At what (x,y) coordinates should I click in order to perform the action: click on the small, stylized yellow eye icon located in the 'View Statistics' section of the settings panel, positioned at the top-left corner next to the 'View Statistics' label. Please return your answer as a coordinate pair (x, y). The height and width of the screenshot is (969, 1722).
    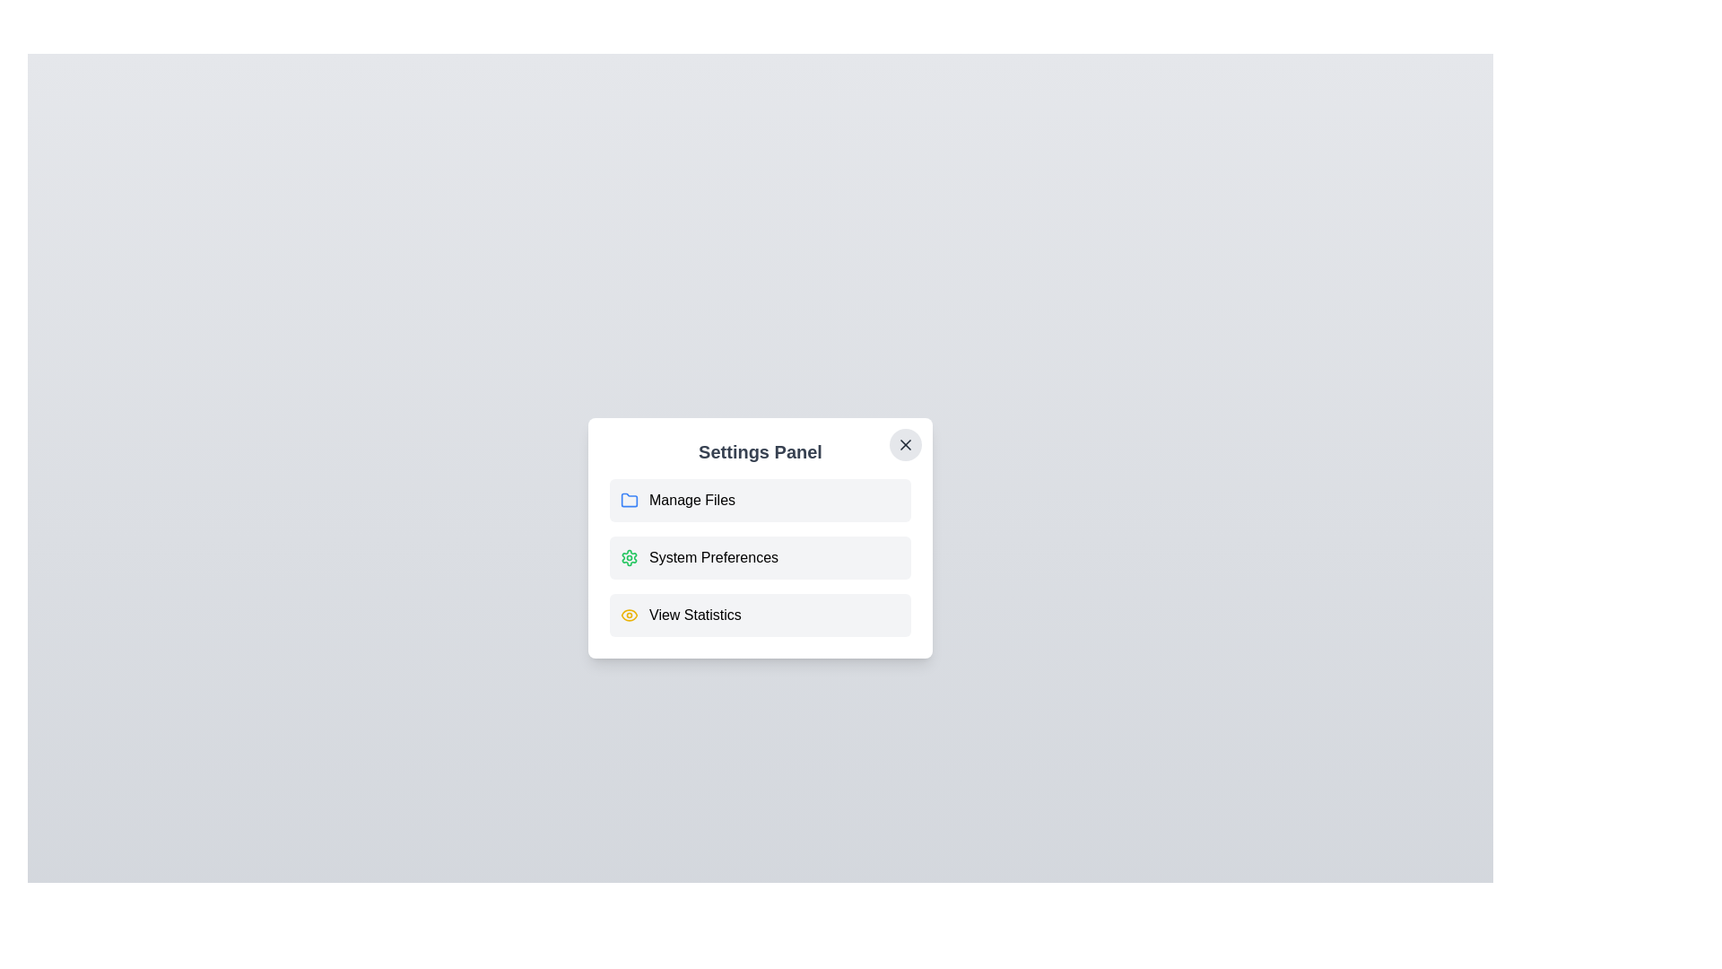
    Looking at the image, I should click on (629, 615).